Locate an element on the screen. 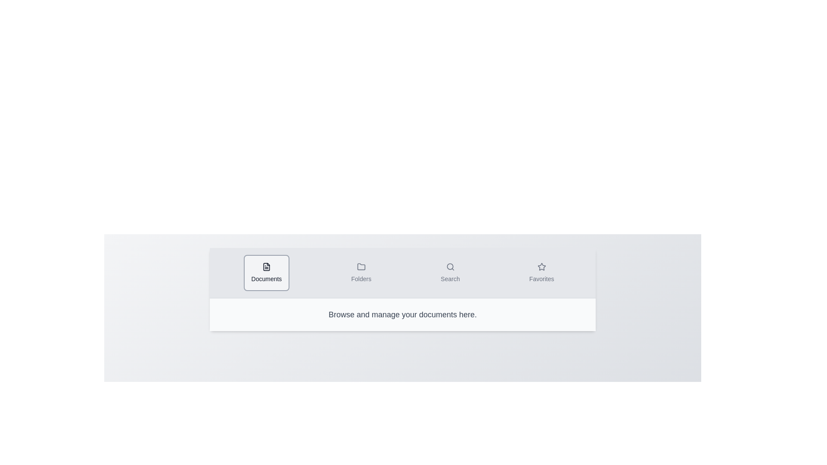 The height and width of the screenshot is (465, 827). the Favorites tab to preview its behavior is located at coordinates (541, 273).